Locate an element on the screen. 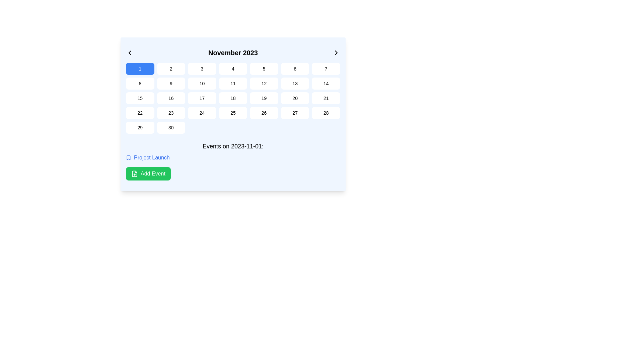  the left-arrow icon representing backward navigation in the top-left corner of the calendar interface is located at coordinates (130, 52).